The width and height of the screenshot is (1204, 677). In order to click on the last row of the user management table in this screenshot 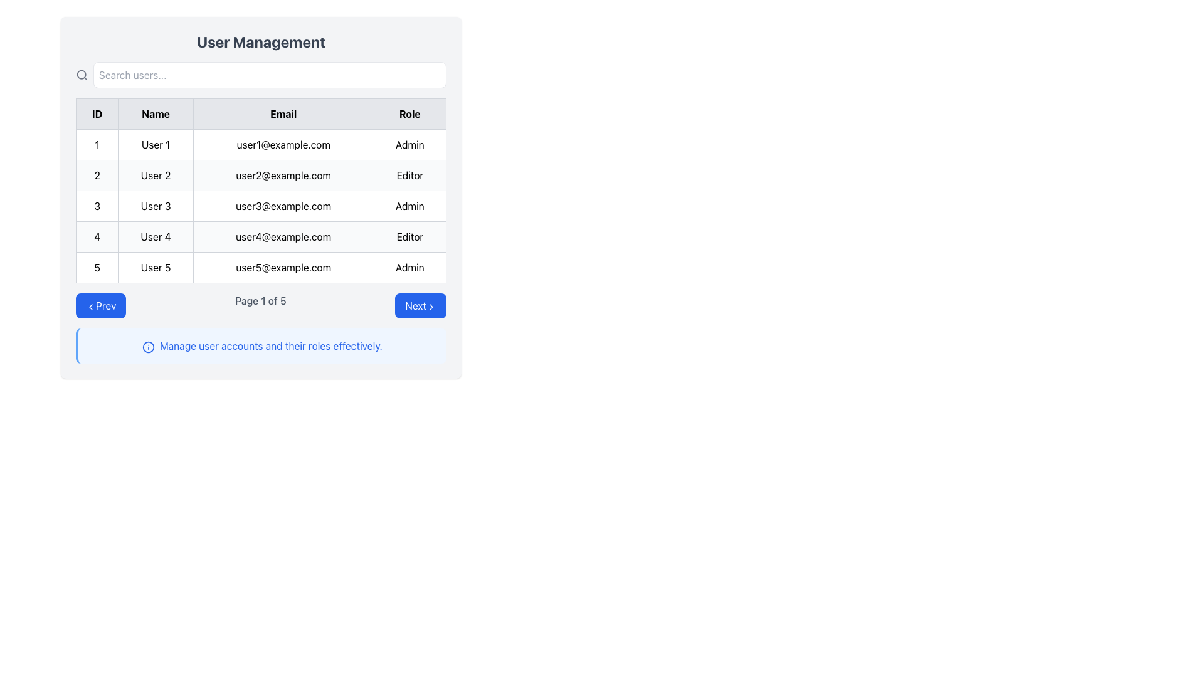, I will do `click(260, 267)`.